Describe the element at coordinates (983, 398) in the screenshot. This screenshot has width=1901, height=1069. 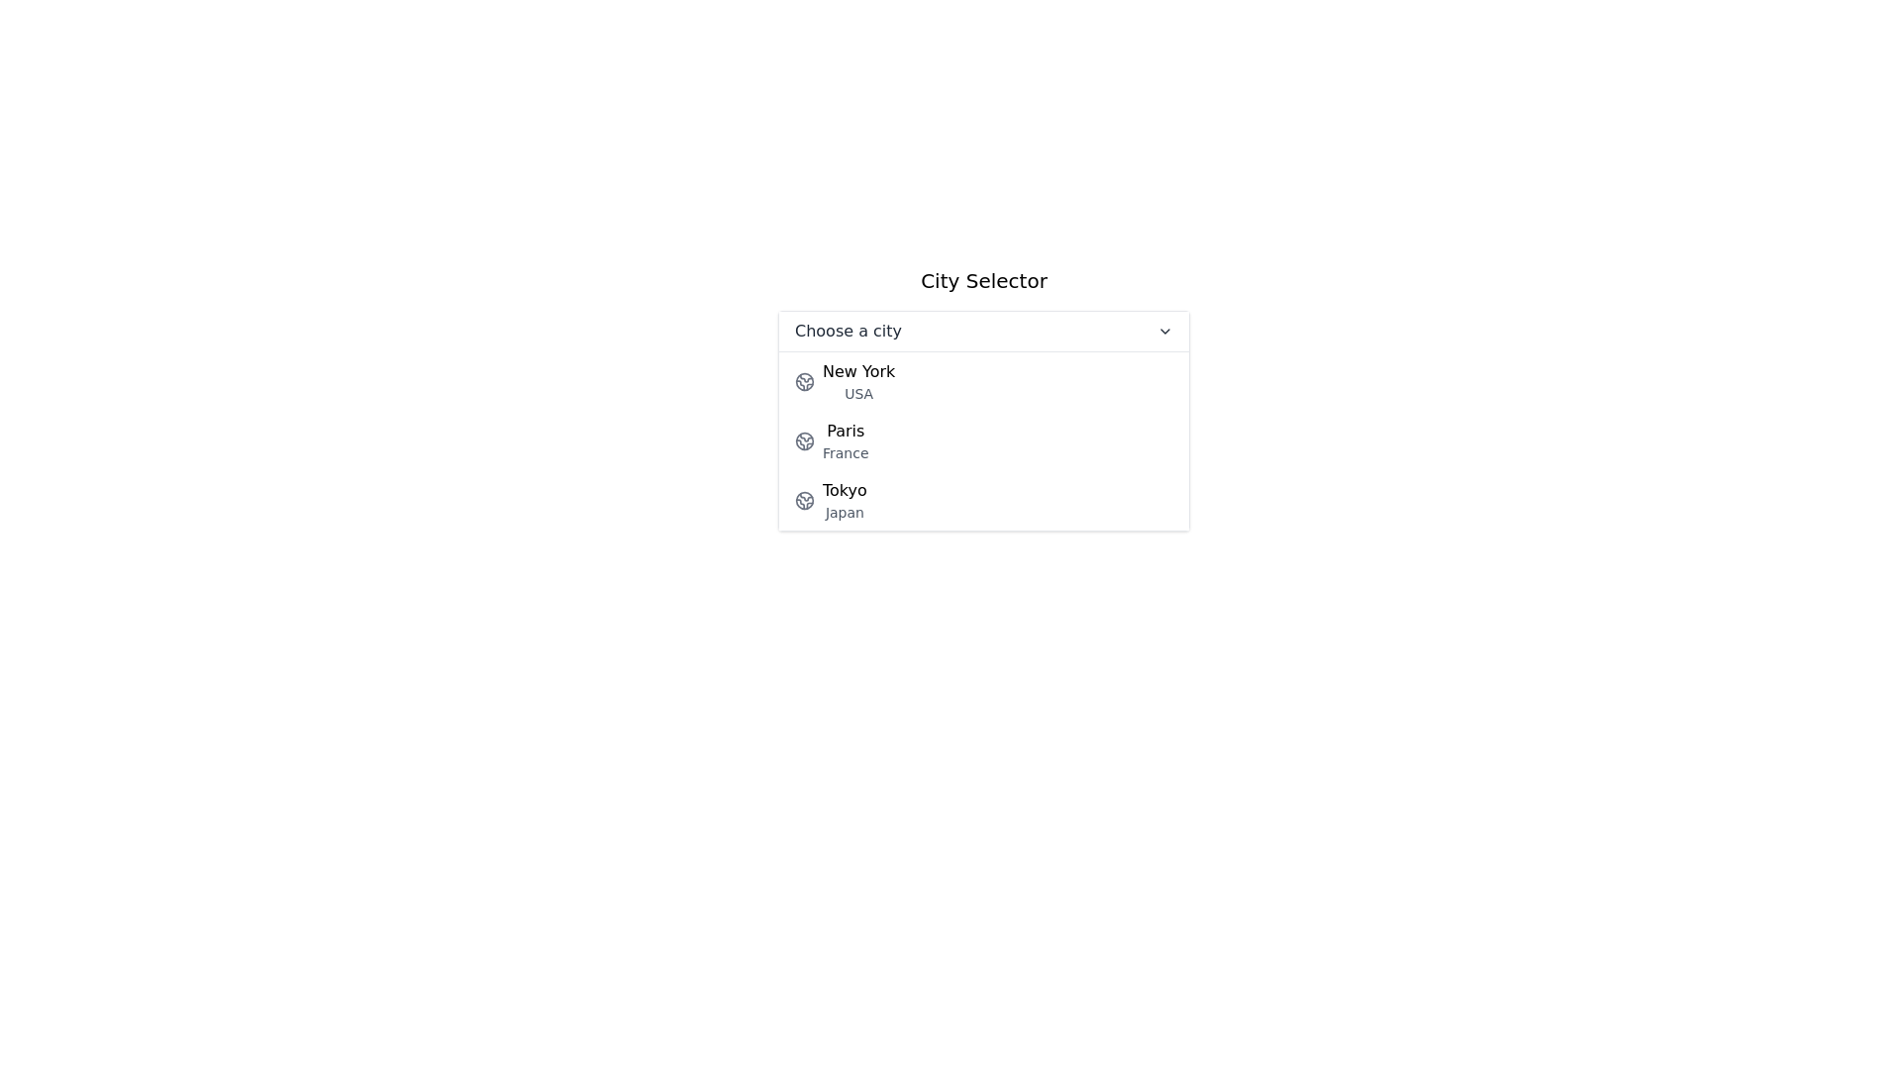
I see `the dropdown menu` at that location.